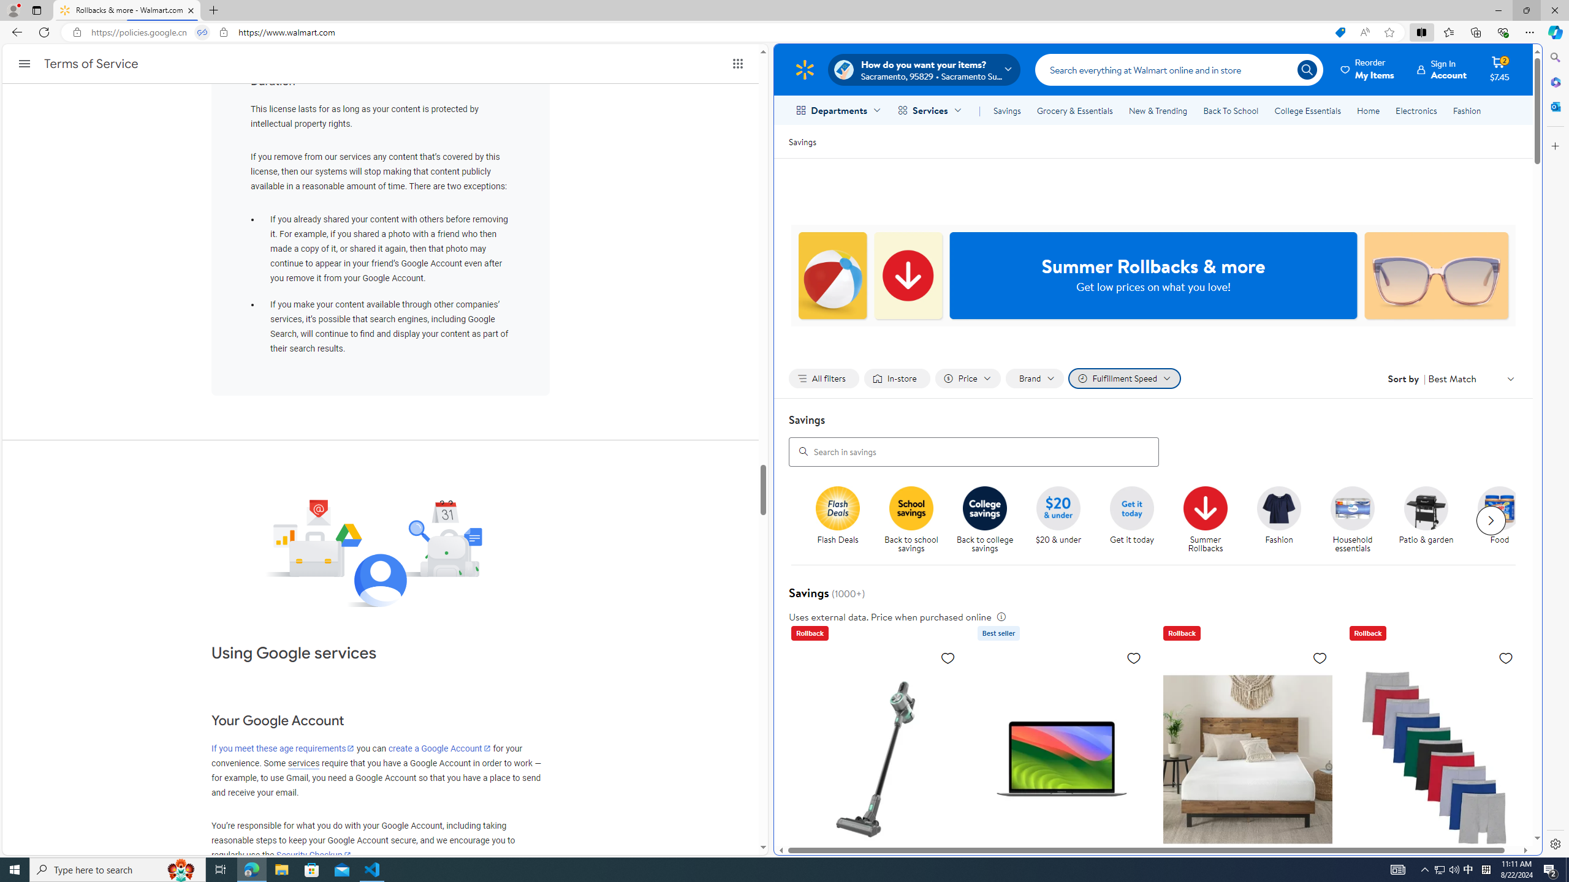 The image size is (1569, 882). What do you see at coordinates (1431, 520) in the screenshot?
I see `'Patio & garden'` at bounding box center [1431, 520].